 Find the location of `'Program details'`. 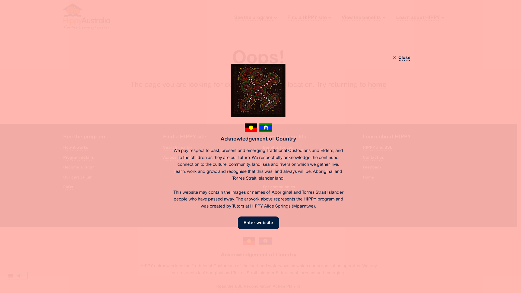

'Program details' is located at coordinates (78, 157).